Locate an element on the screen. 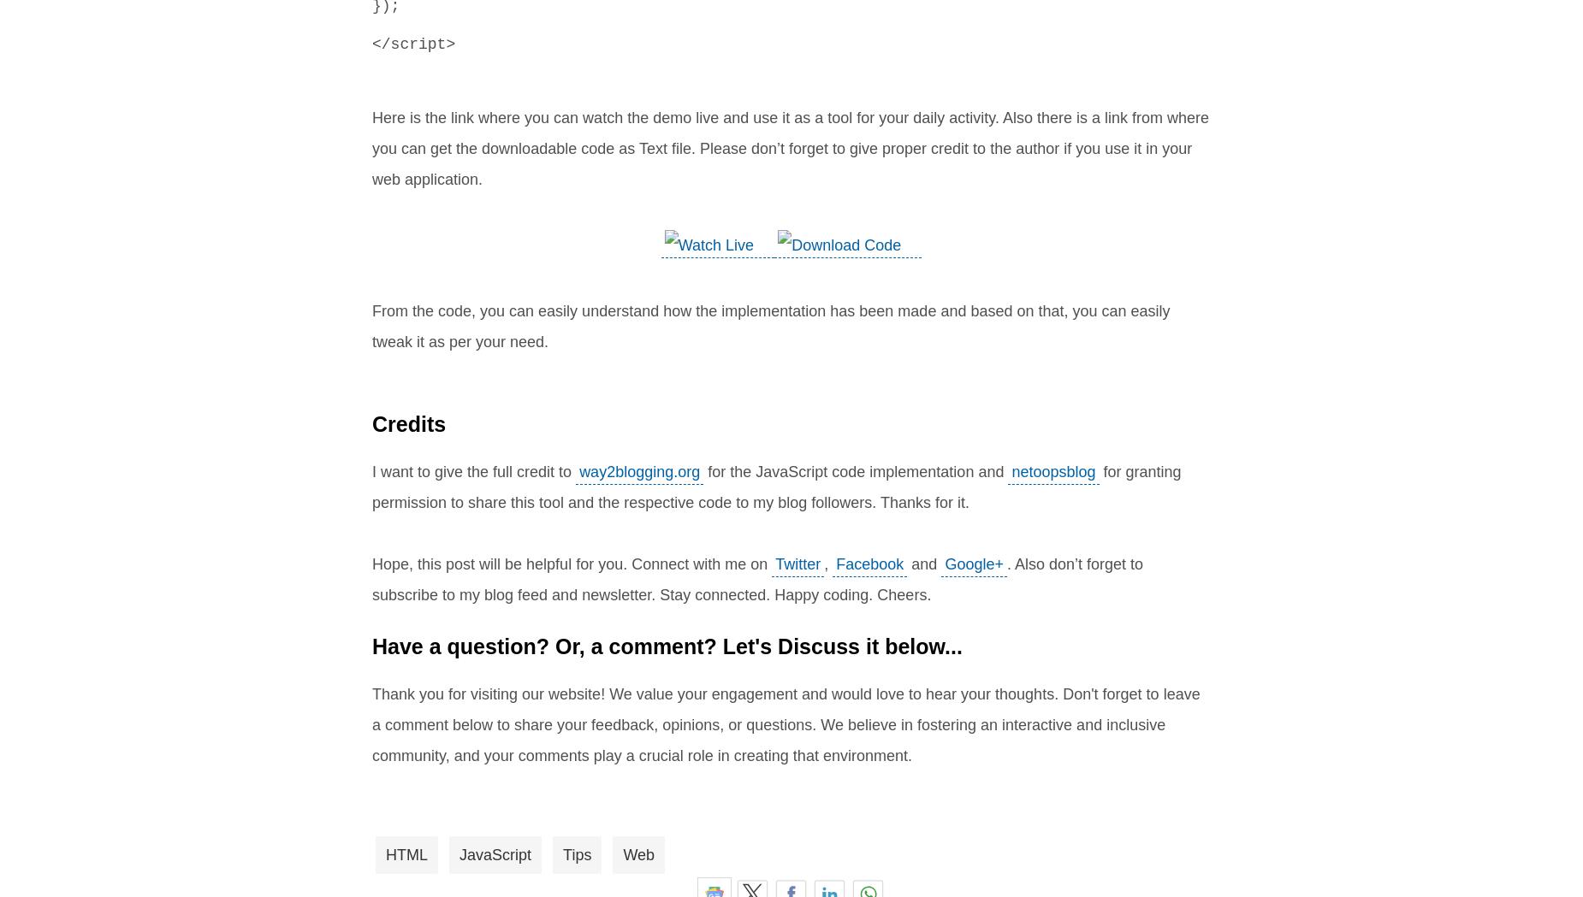 The width and height of the screenshot is (1583, 897). '>' is located at coordinates (450, 44).